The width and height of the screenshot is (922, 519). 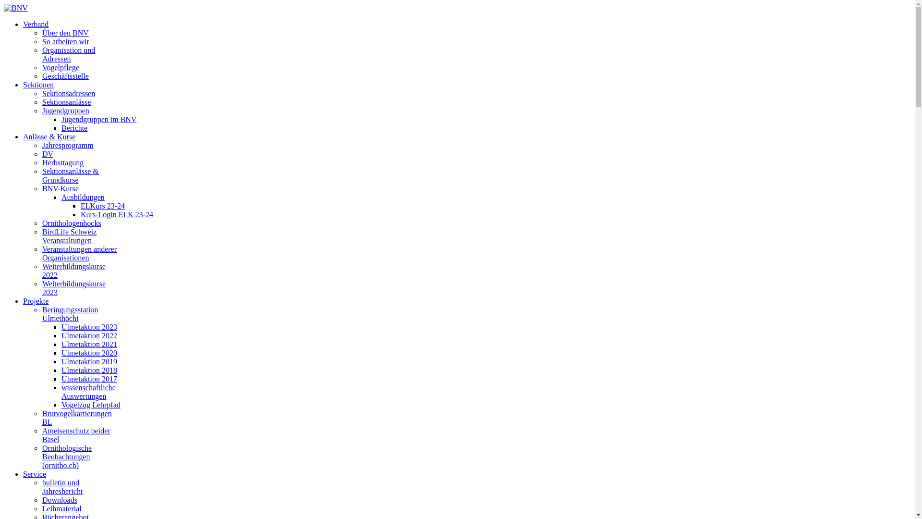 What do you see at coordinates (66, 456) in the screenshot?
I see `'Ornithologische Beobachtungen (ornitho.ch)'` at bounding box center [66, 456].